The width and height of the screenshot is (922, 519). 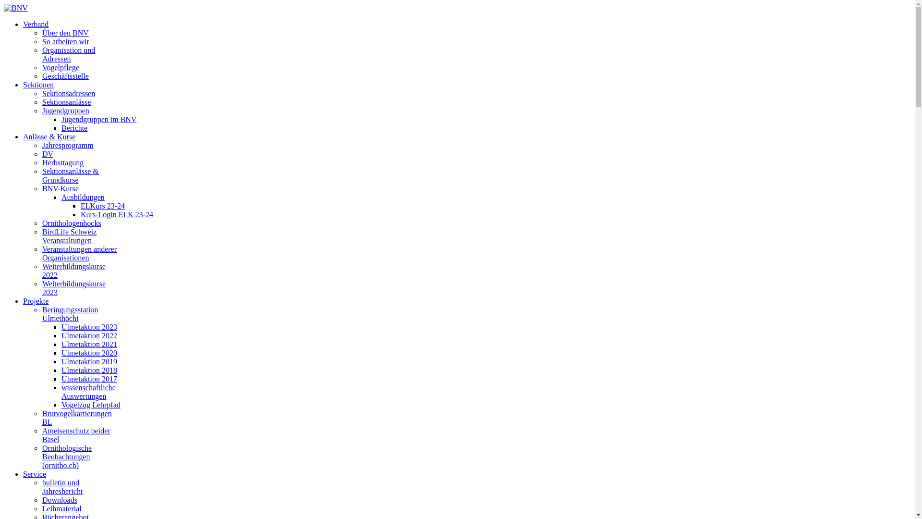 What do you see at coordinates (66, 456) in the screenshot?
I see `'Ornithologische Beobachtungen (ornitho.ch)'` at bounding box center [66, 456].